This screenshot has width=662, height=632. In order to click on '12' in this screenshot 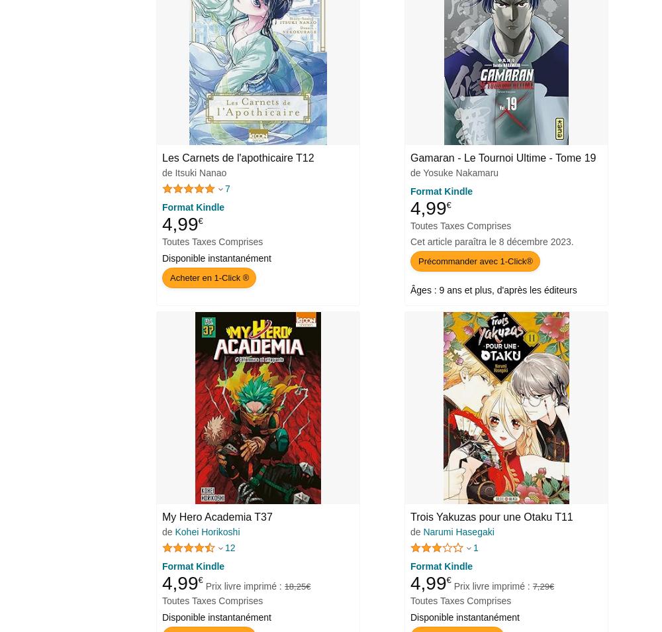, I will do `click(229, 547)`.